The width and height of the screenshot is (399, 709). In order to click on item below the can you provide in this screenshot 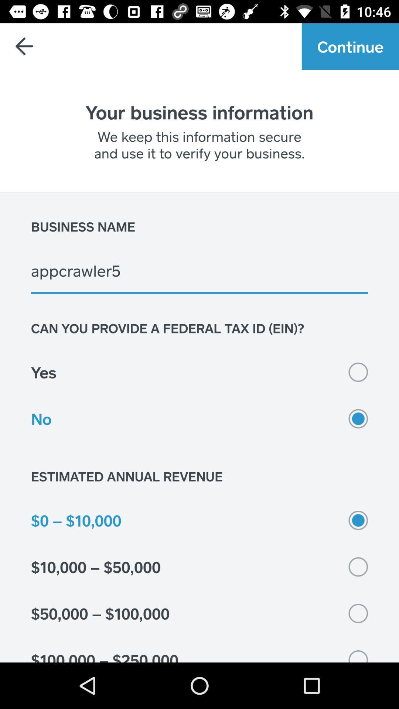, I will do `click(199, 372)`.